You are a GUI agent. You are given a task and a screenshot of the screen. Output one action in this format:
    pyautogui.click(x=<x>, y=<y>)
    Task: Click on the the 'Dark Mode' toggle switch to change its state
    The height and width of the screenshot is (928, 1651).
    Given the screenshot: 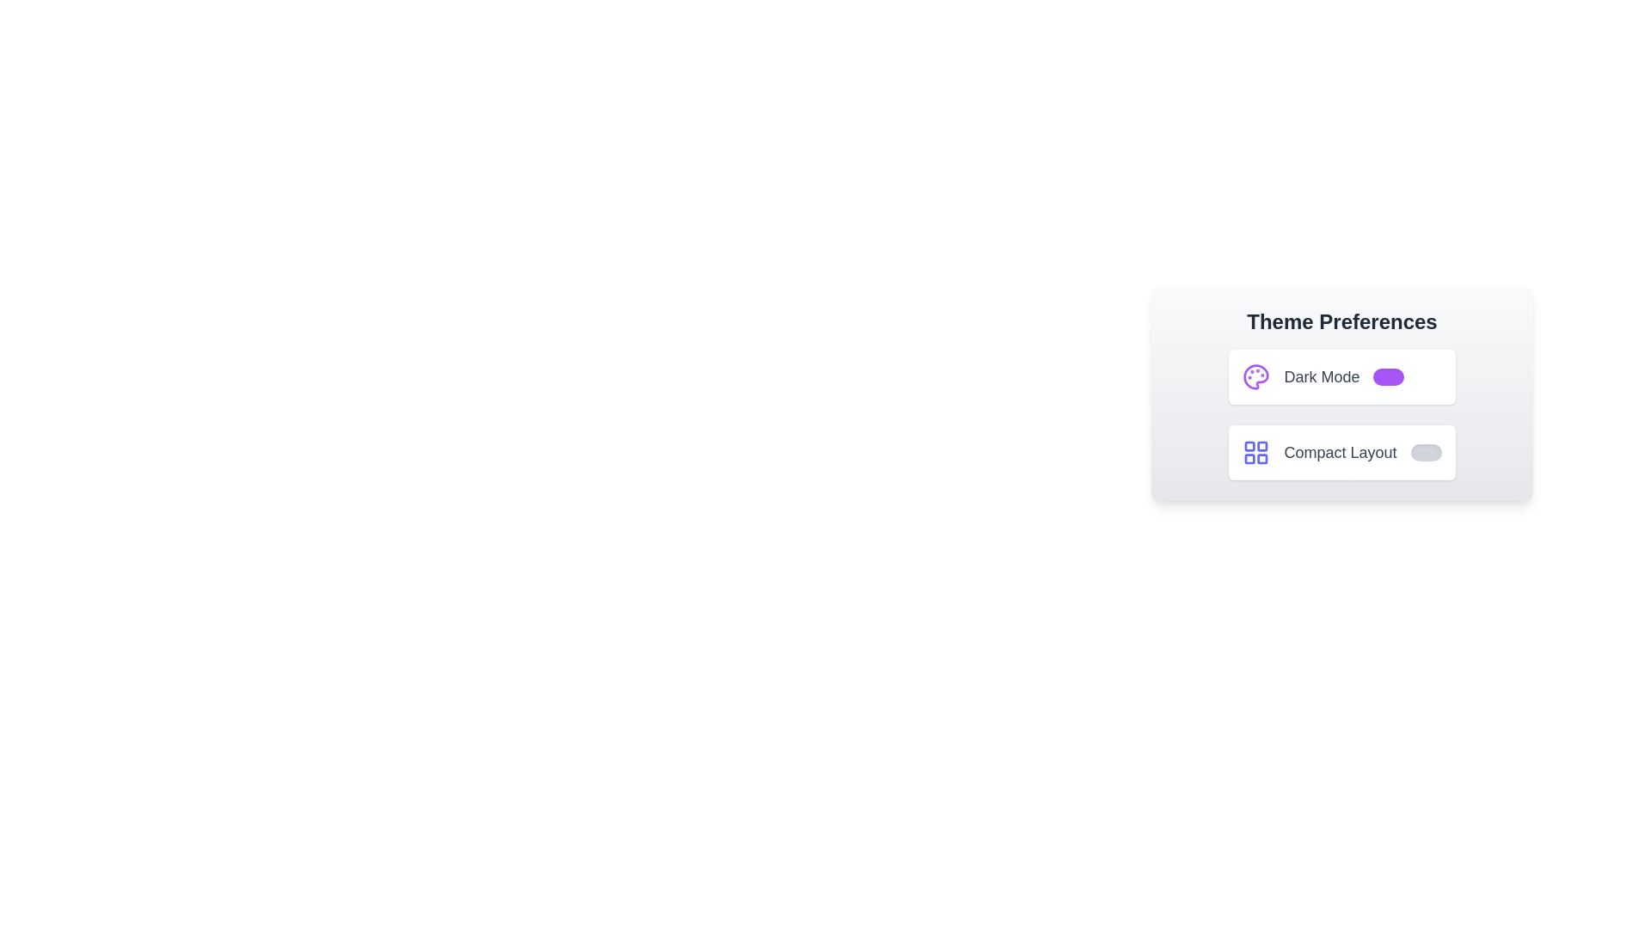 What is the action you would take?
    pyautogui.click(x=1389, y=376)
    